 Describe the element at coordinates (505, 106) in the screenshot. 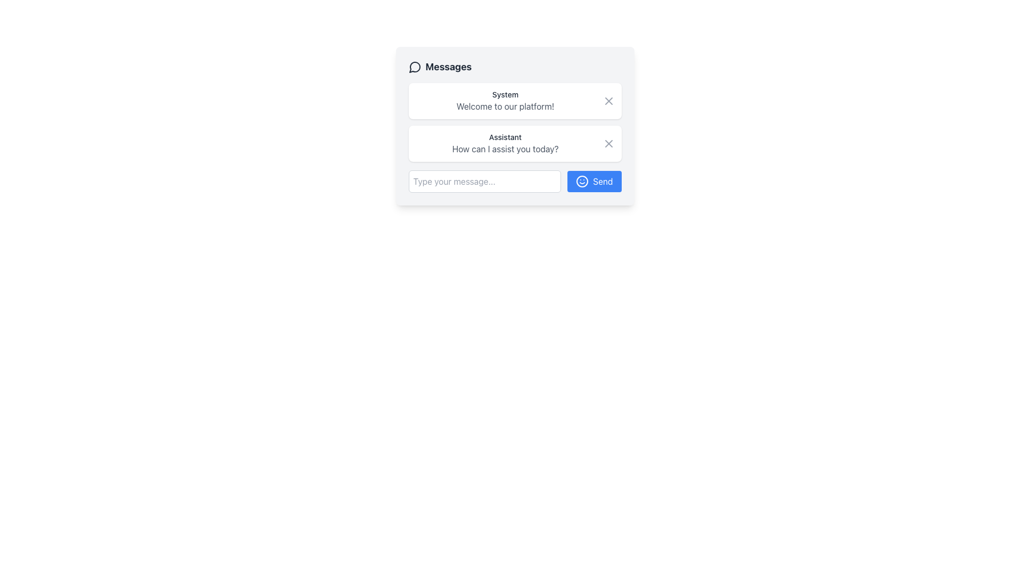

I see `text label displaying 'Welcome to our platform!' which is positioned below the 'System' heading in the central modal window` at that location.